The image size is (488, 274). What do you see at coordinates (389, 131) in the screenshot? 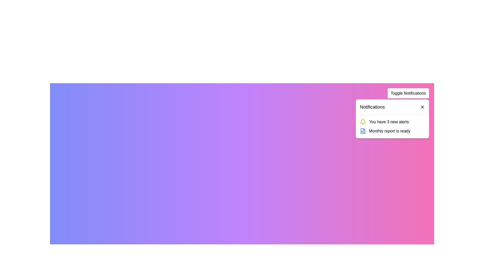
I see `the text label that displays 'Monthly report is ready' in the Notifications popup, located below 'You have 3 new alerts'` at bounding box center [389, 131].